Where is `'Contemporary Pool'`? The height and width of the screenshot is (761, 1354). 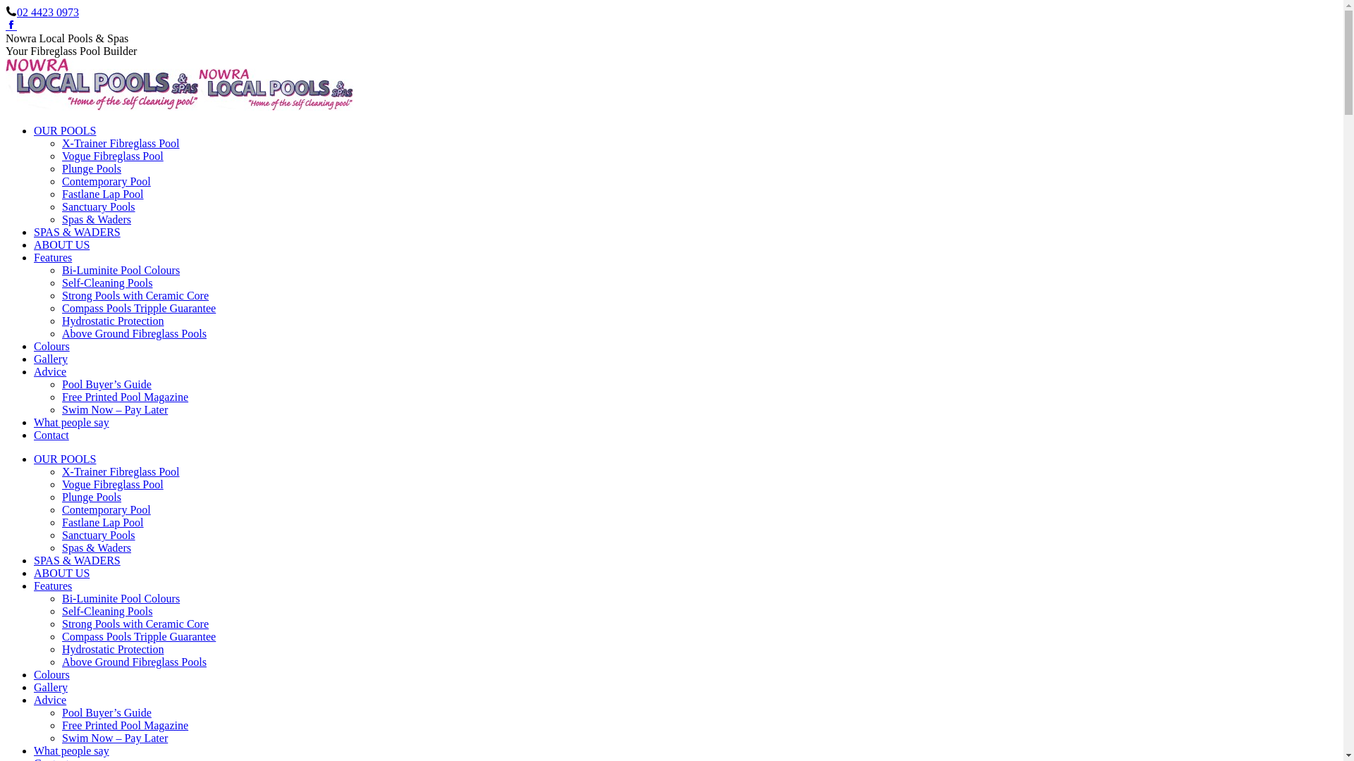
'Contemporary Pool' is located at coordinates (105, 509).